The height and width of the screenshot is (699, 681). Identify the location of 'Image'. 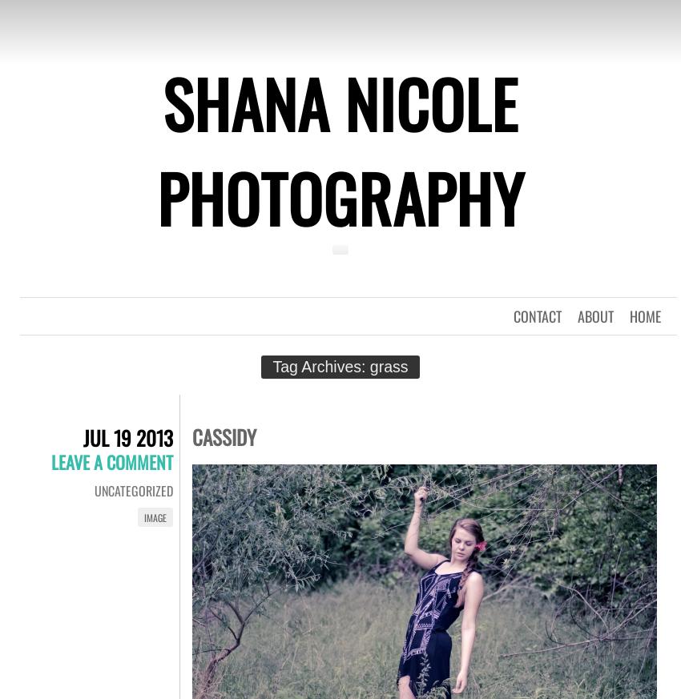
(143, 517).